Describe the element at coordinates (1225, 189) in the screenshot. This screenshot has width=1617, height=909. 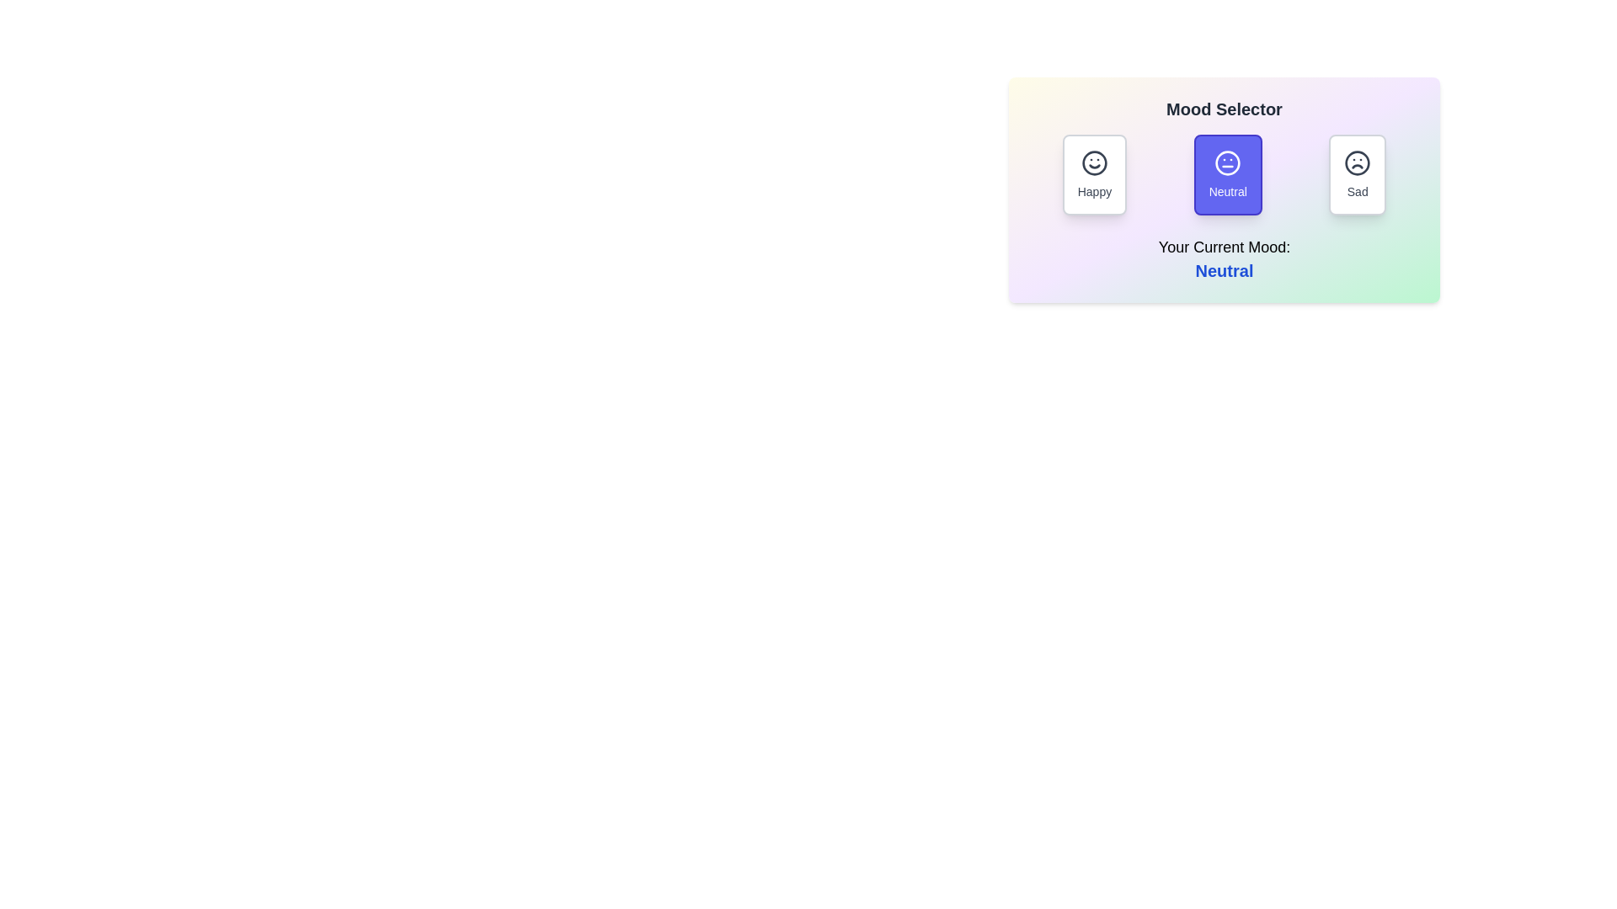
I see `the 'Neutral' button in the mood selection interface` at that location.